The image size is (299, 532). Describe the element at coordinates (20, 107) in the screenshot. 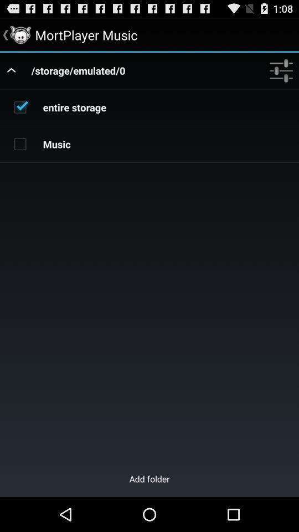

I see `box` at that location.